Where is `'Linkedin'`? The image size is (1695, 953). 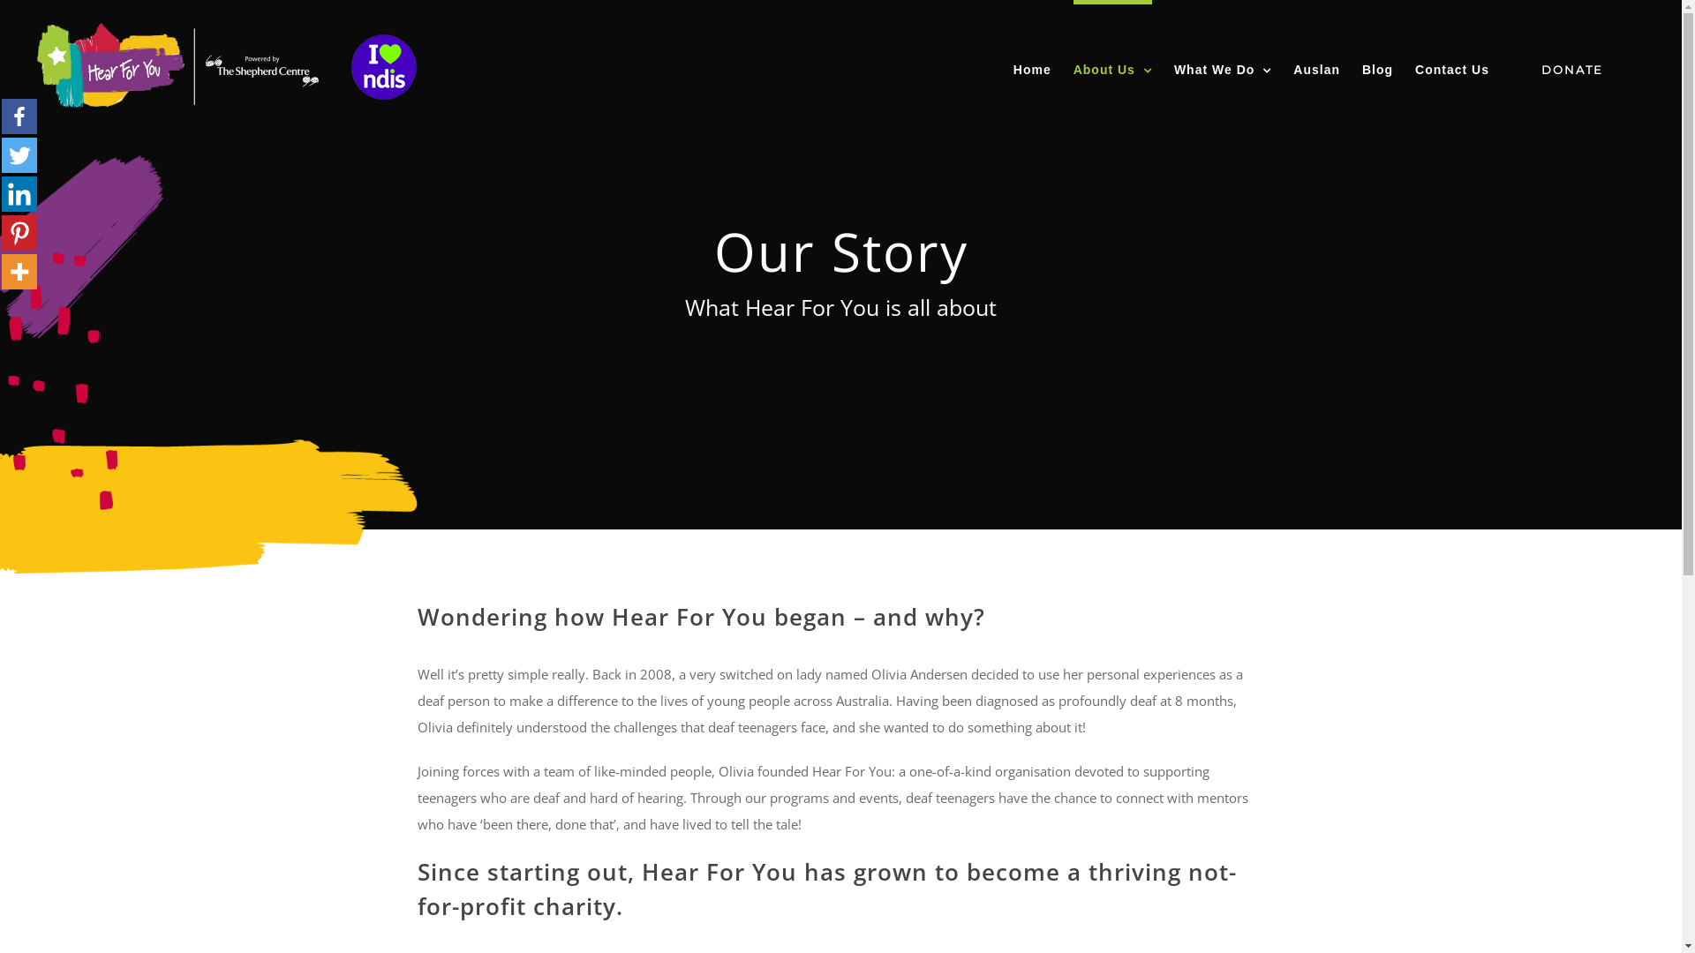
'Linkedin' is located at coordinates (19, 193).